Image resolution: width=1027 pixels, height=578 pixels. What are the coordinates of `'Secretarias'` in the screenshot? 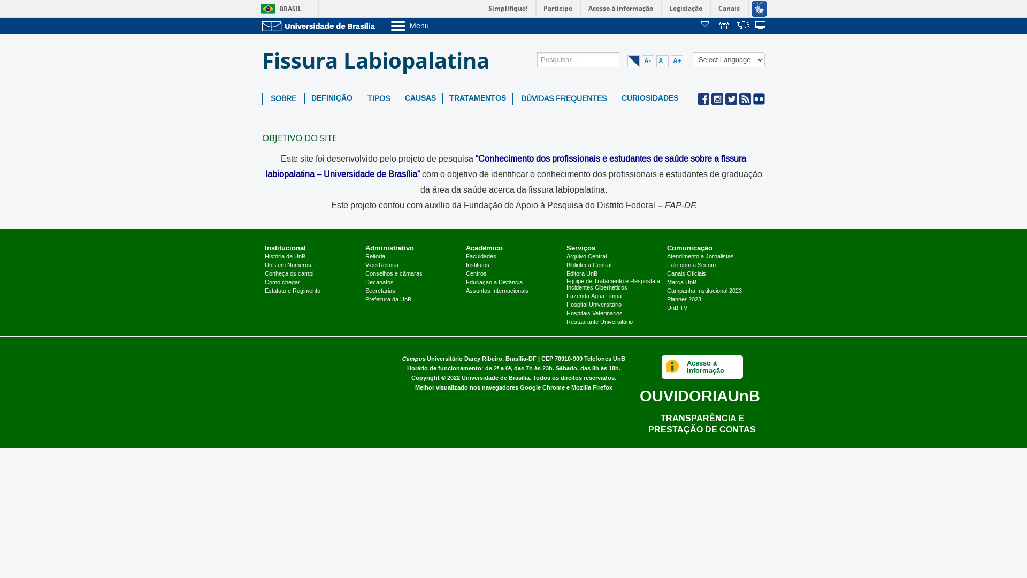 It's located at (380, 291).